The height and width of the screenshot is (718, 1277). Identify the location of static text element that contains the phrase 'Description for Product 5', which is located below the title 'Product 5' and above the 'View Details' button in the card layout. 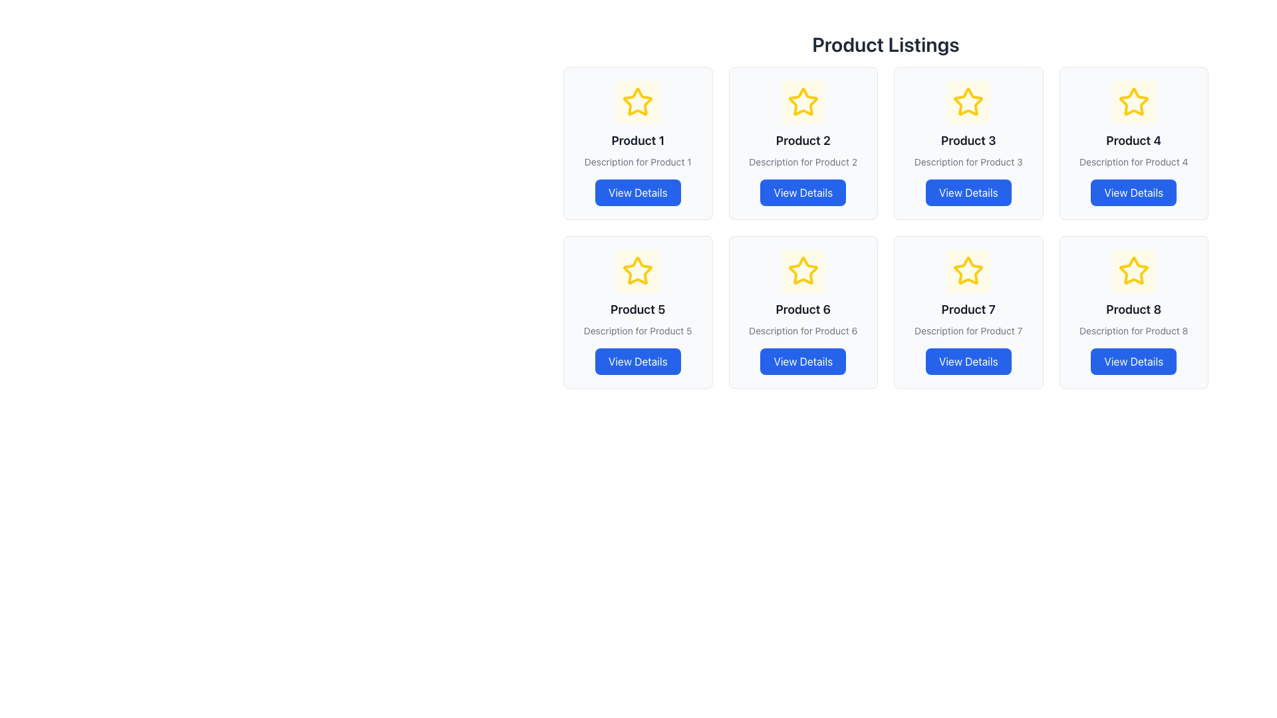
(637, 330).